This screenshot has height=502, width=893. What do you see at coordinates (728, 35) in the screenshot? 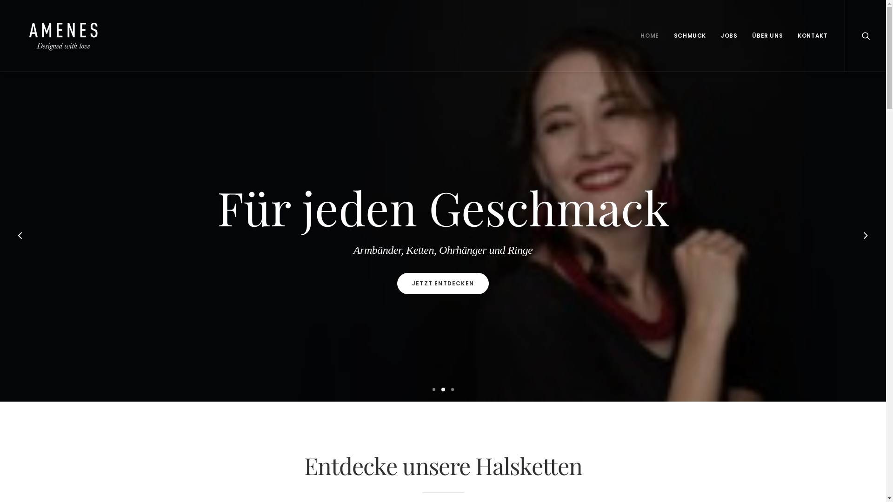
I see `'JOBS'` at bounding box center [728, 35].